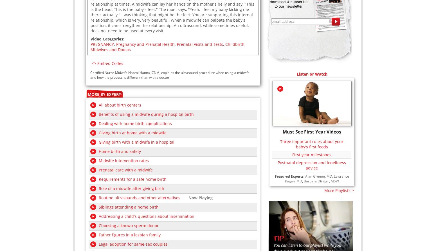 The width and height of the screenshot is (436, 251). Describe the element at coordinates (234, 44) in the screenshot. I see `'Childbirth'` at that location.